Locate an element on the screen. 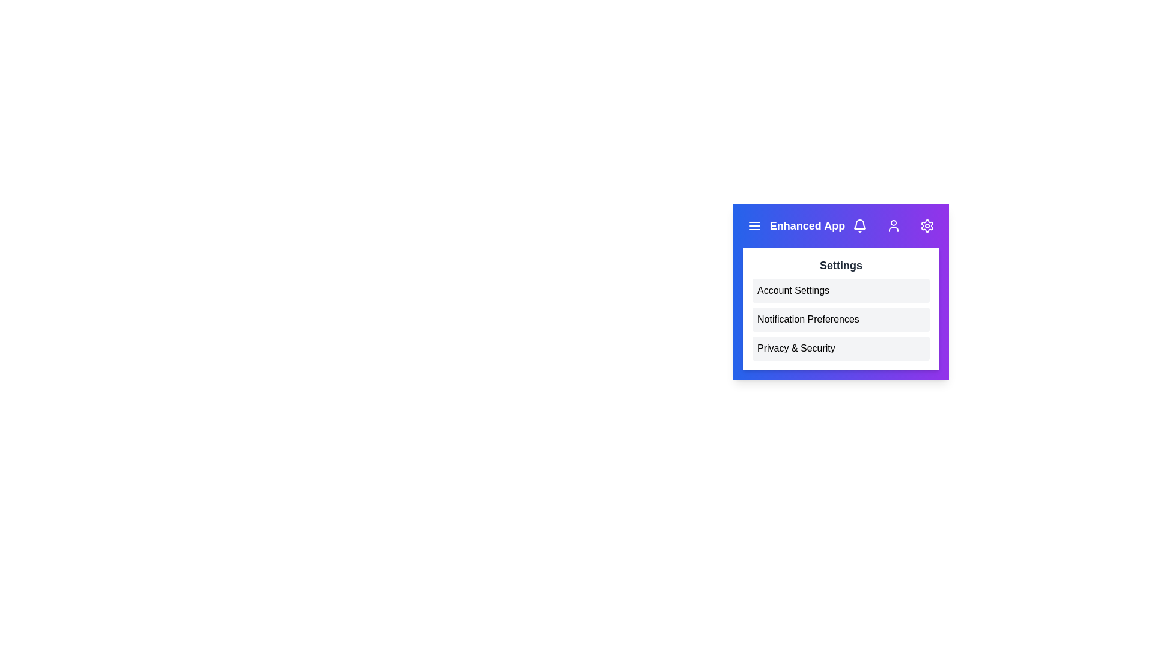  the Account Settings button in the settings menu is located at coordinates (840, 290).